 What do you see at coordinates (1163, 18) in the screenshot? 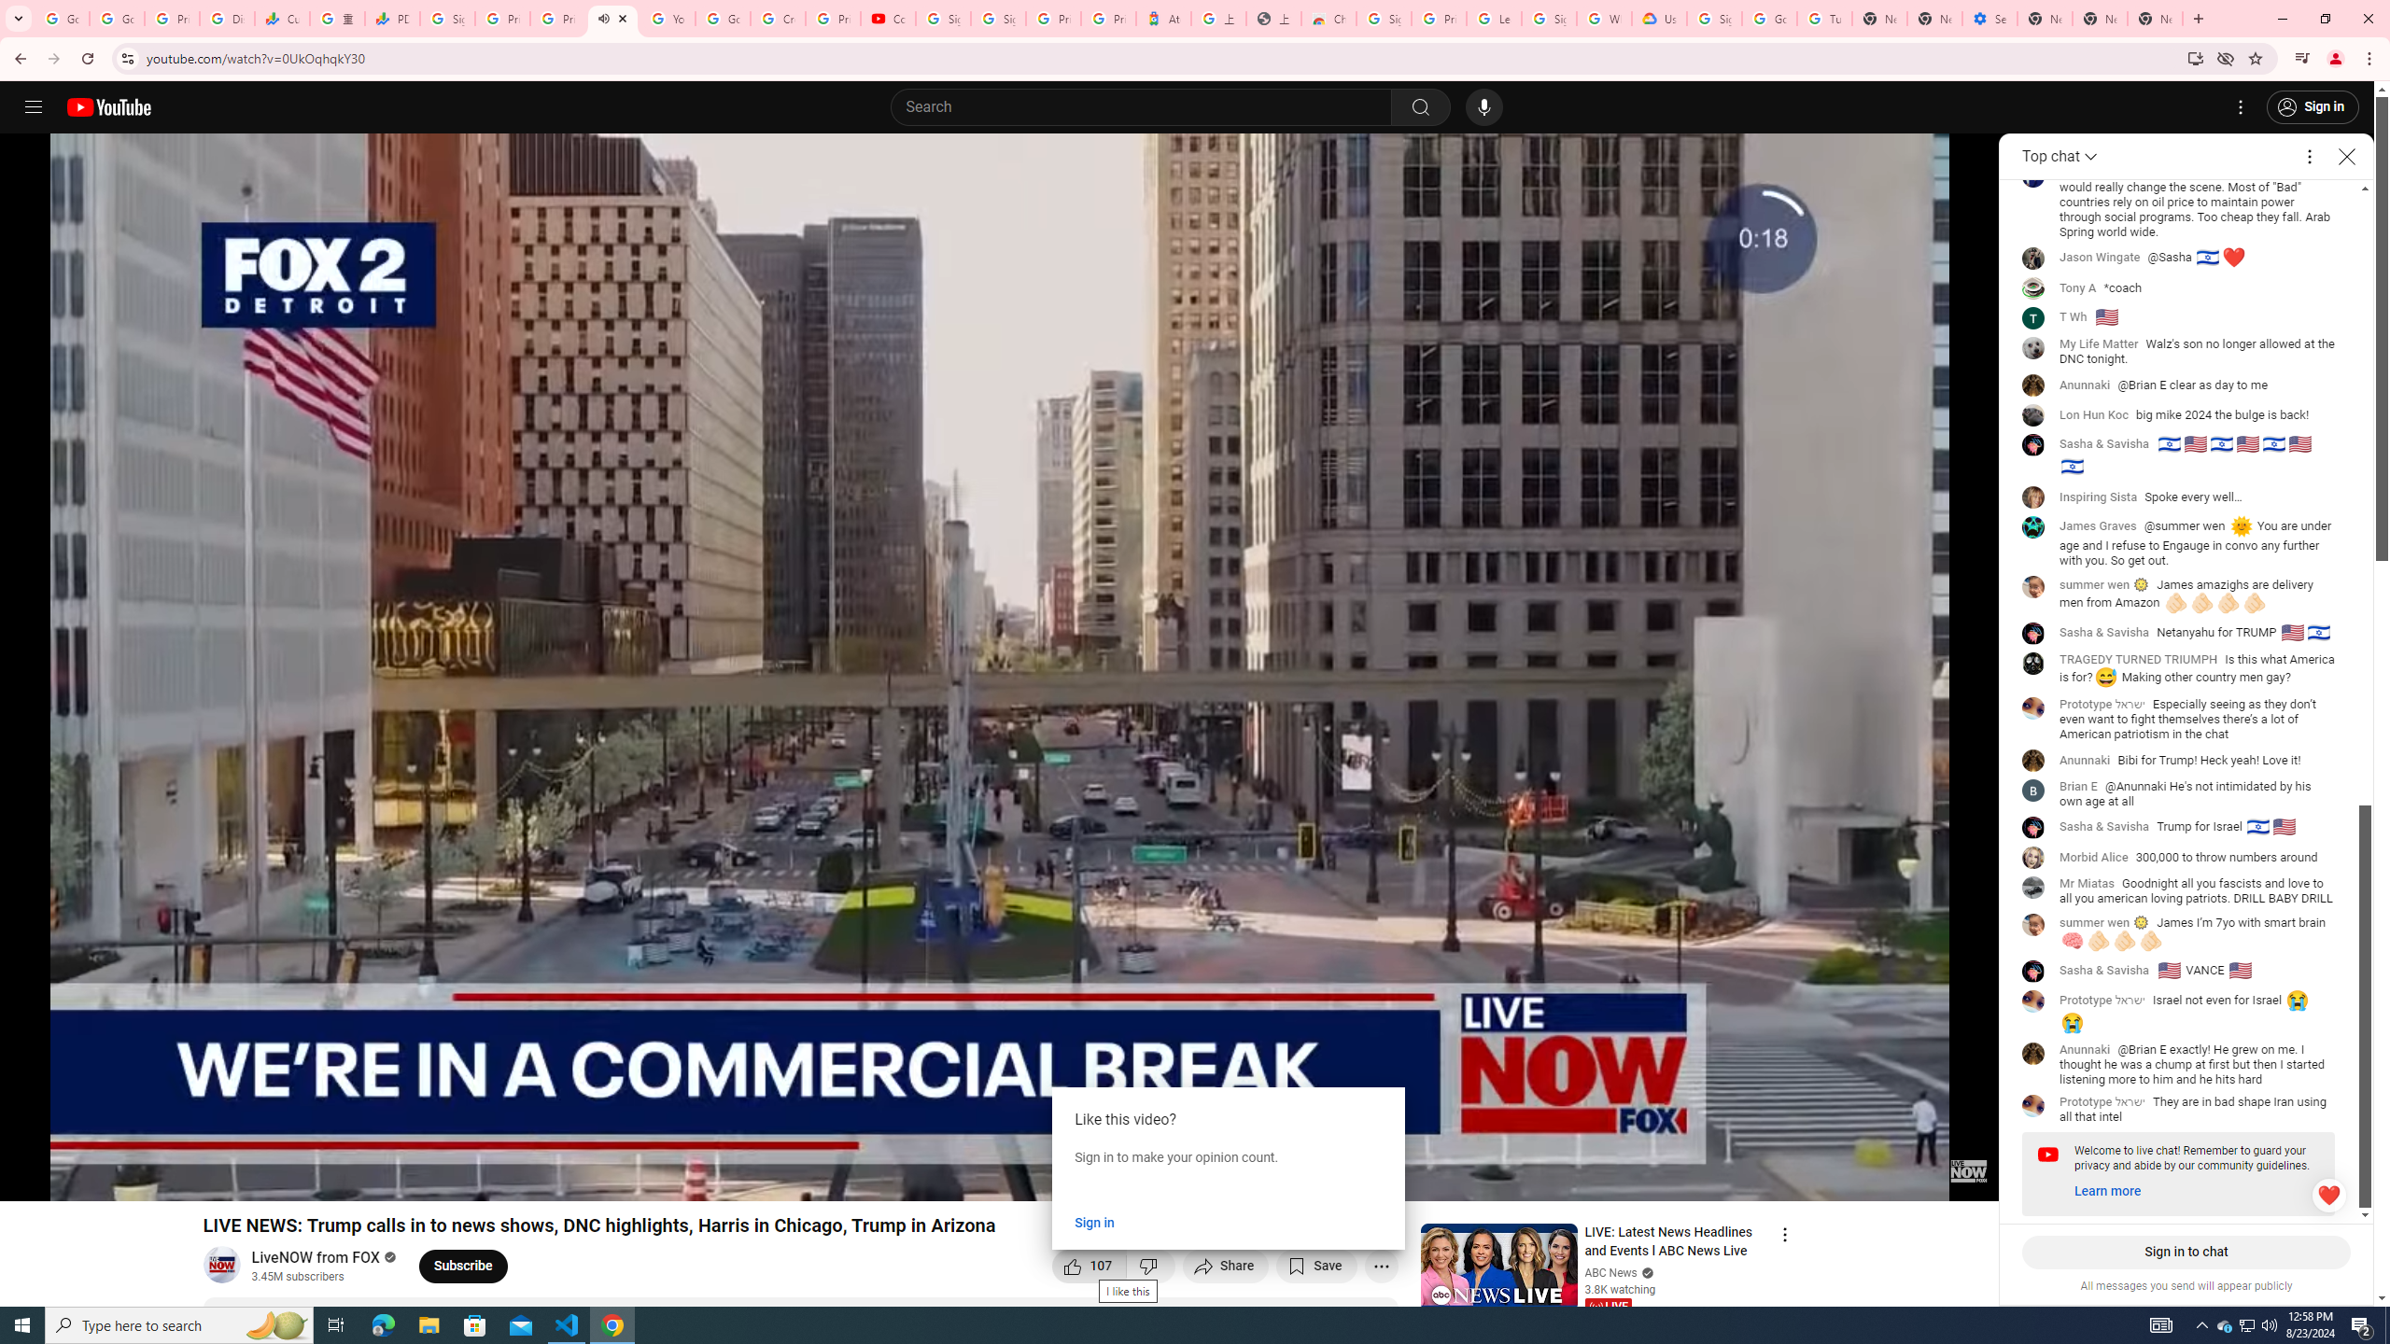
I see `'Atour Hotel - Google hotels'` at bounding box center [1163, 18].